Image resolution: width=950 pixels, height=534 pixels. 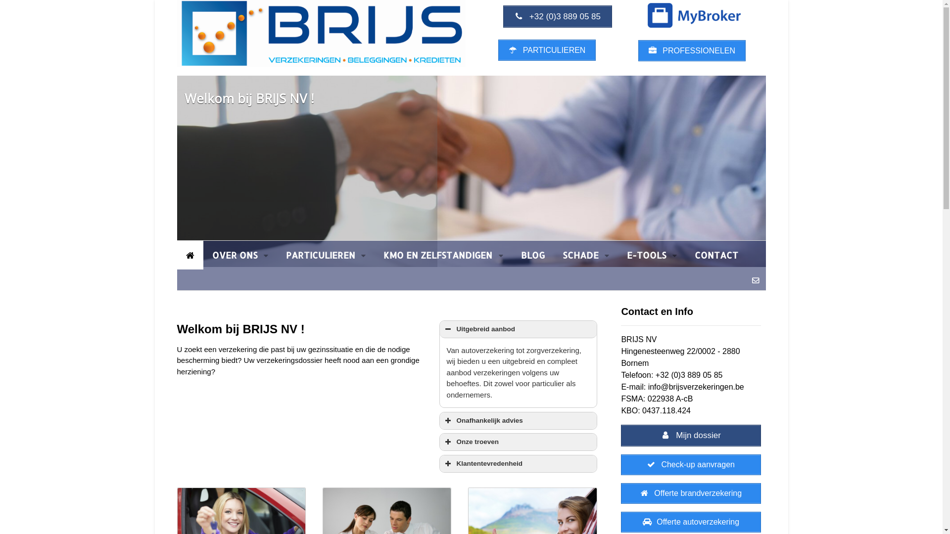 I want to click on 'PARTICULIEREN', so click(x=326, y=255).